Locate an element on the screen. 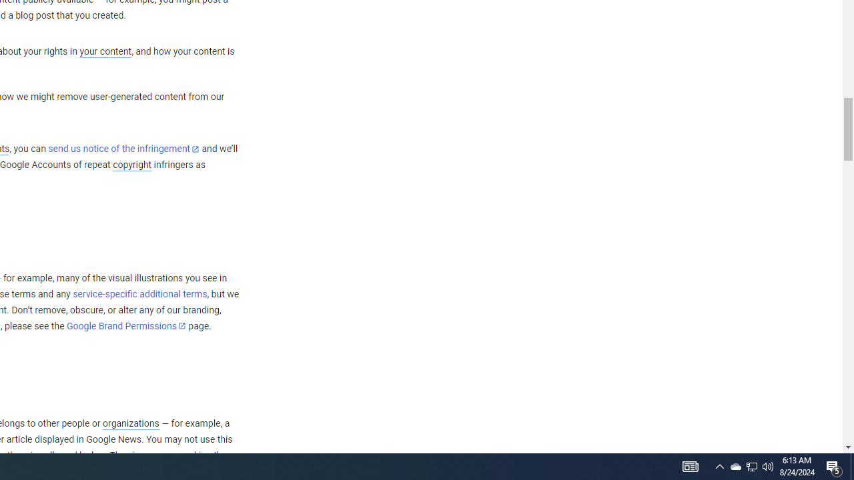 This screenshot has width=854, height=480. 'send us notice of the infringement' is located at coordinates (123, 149).